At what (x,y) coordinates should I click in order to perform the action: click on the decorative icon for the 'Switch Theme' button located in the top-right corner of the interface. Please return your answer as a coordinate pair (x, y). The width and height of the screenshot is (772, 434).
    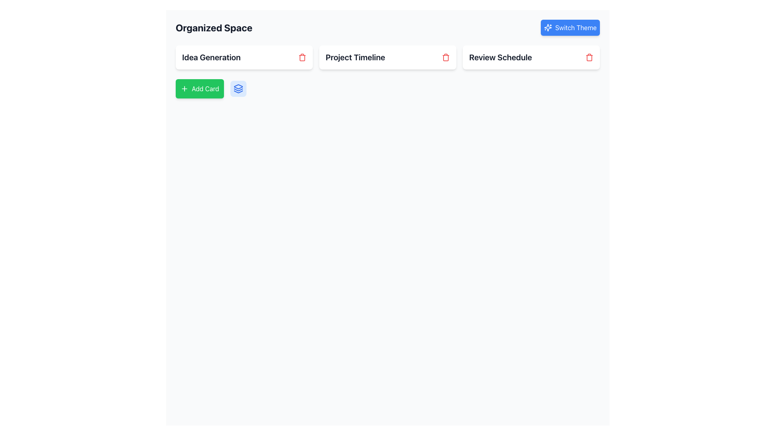
    Looking at the image, I should click on (547, 27).